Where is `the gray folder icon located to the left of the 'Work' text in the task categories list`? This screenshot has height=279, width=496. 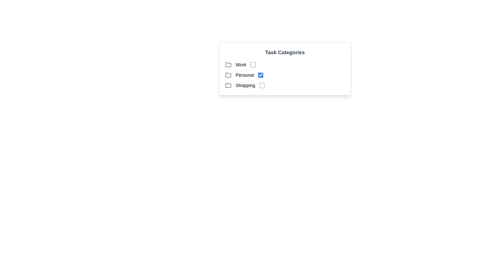
the gray folder icon located to the left of the 'Work' text in the task categories list is located at coordinates (228, 64).